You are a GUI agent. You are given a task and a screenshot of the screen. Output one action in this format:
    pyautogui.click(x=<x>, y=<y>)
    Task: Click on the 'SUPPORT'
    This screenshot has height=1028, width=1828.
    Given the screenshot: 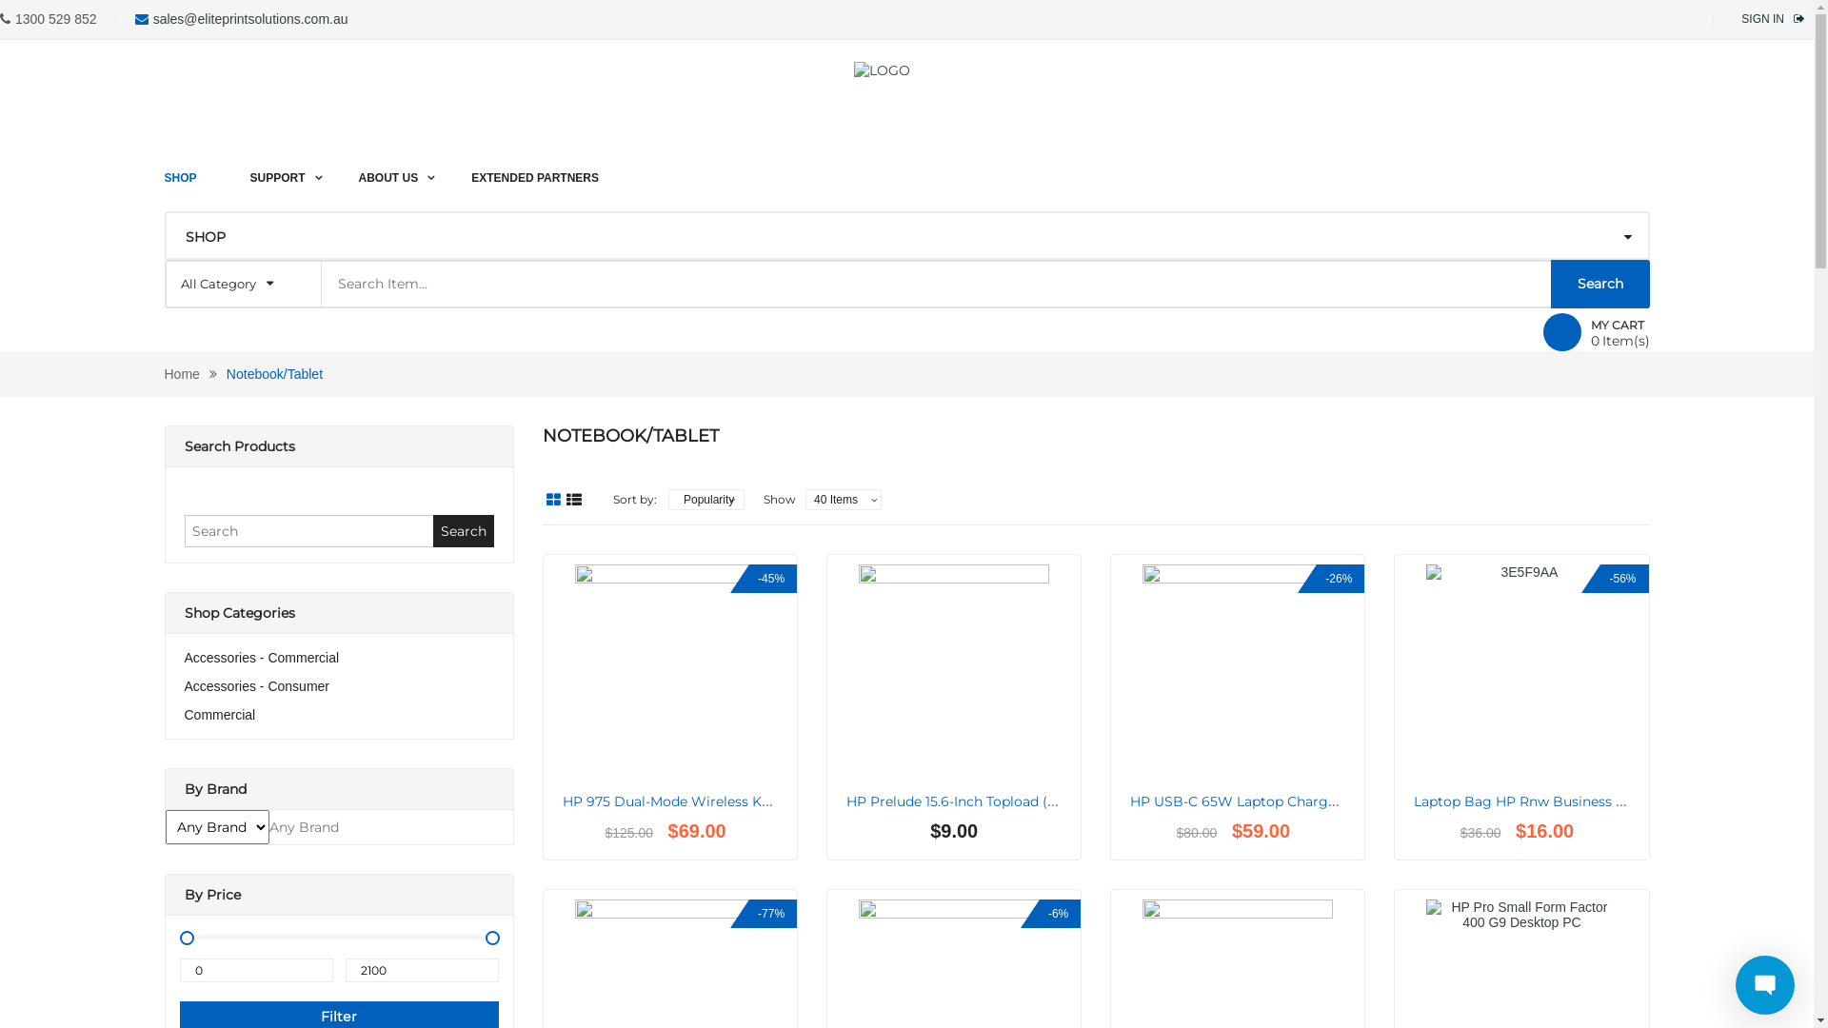 What is the action you would take?
    pyautogui.click(x=277, y=167)
    